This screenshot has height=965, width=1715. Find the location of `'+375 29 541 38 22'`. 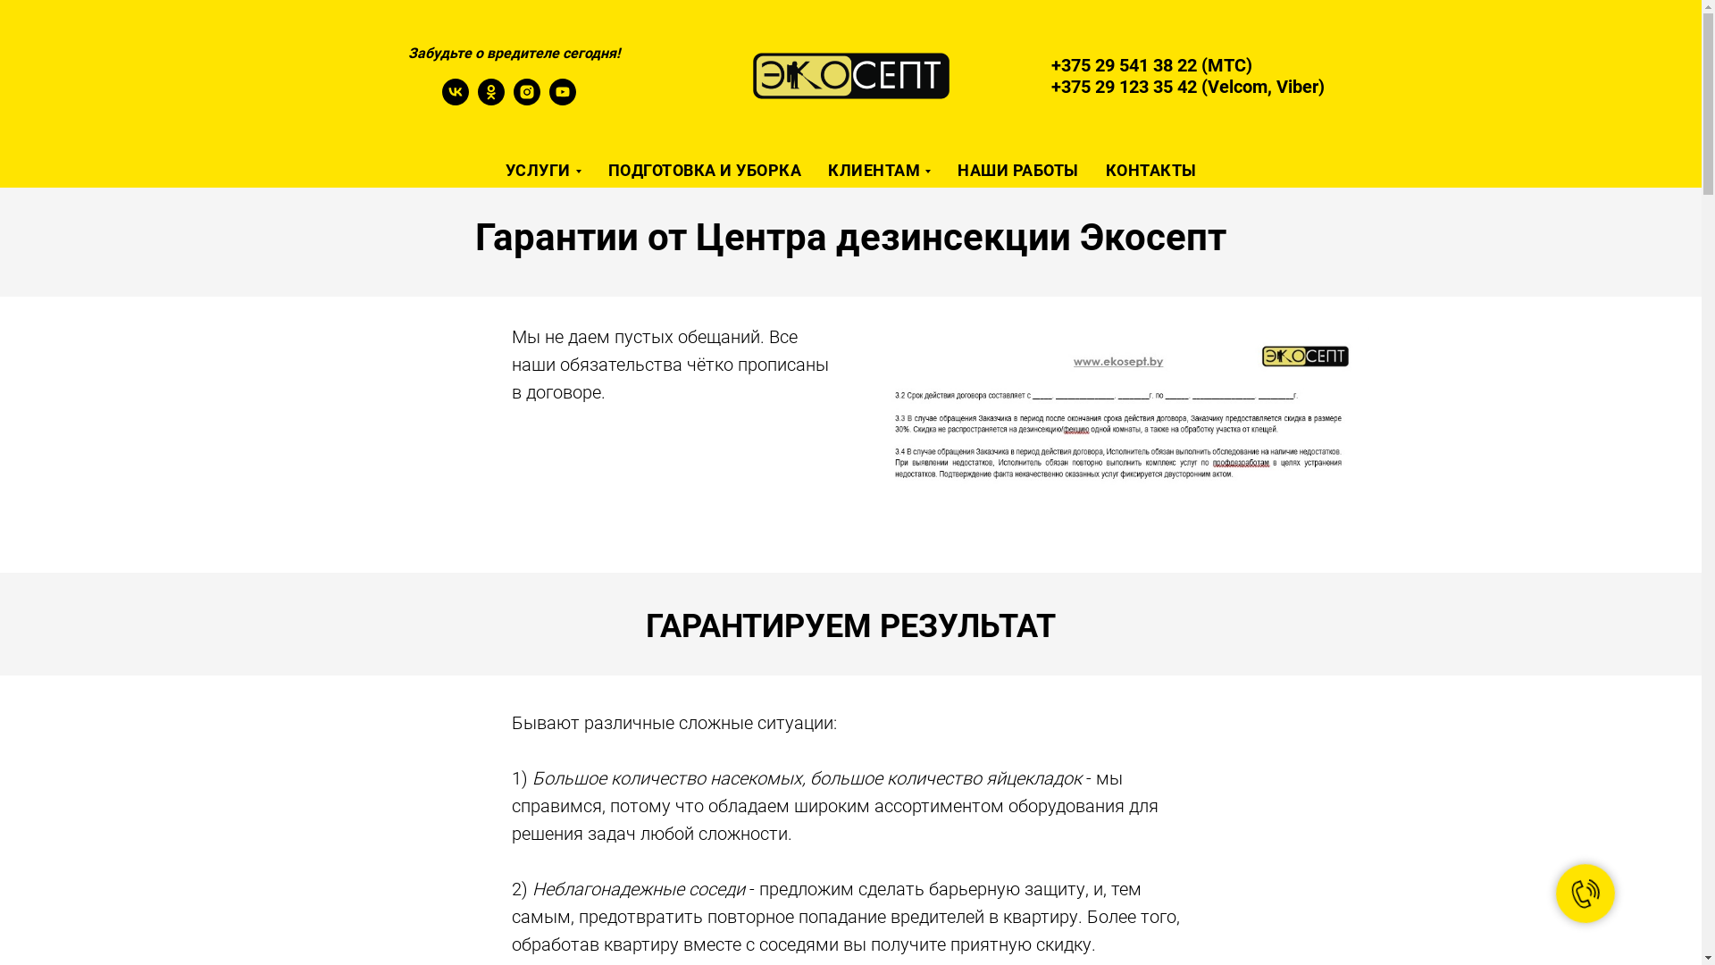

'+375 29 541 38 22' is located at coordinates (1123, 64).